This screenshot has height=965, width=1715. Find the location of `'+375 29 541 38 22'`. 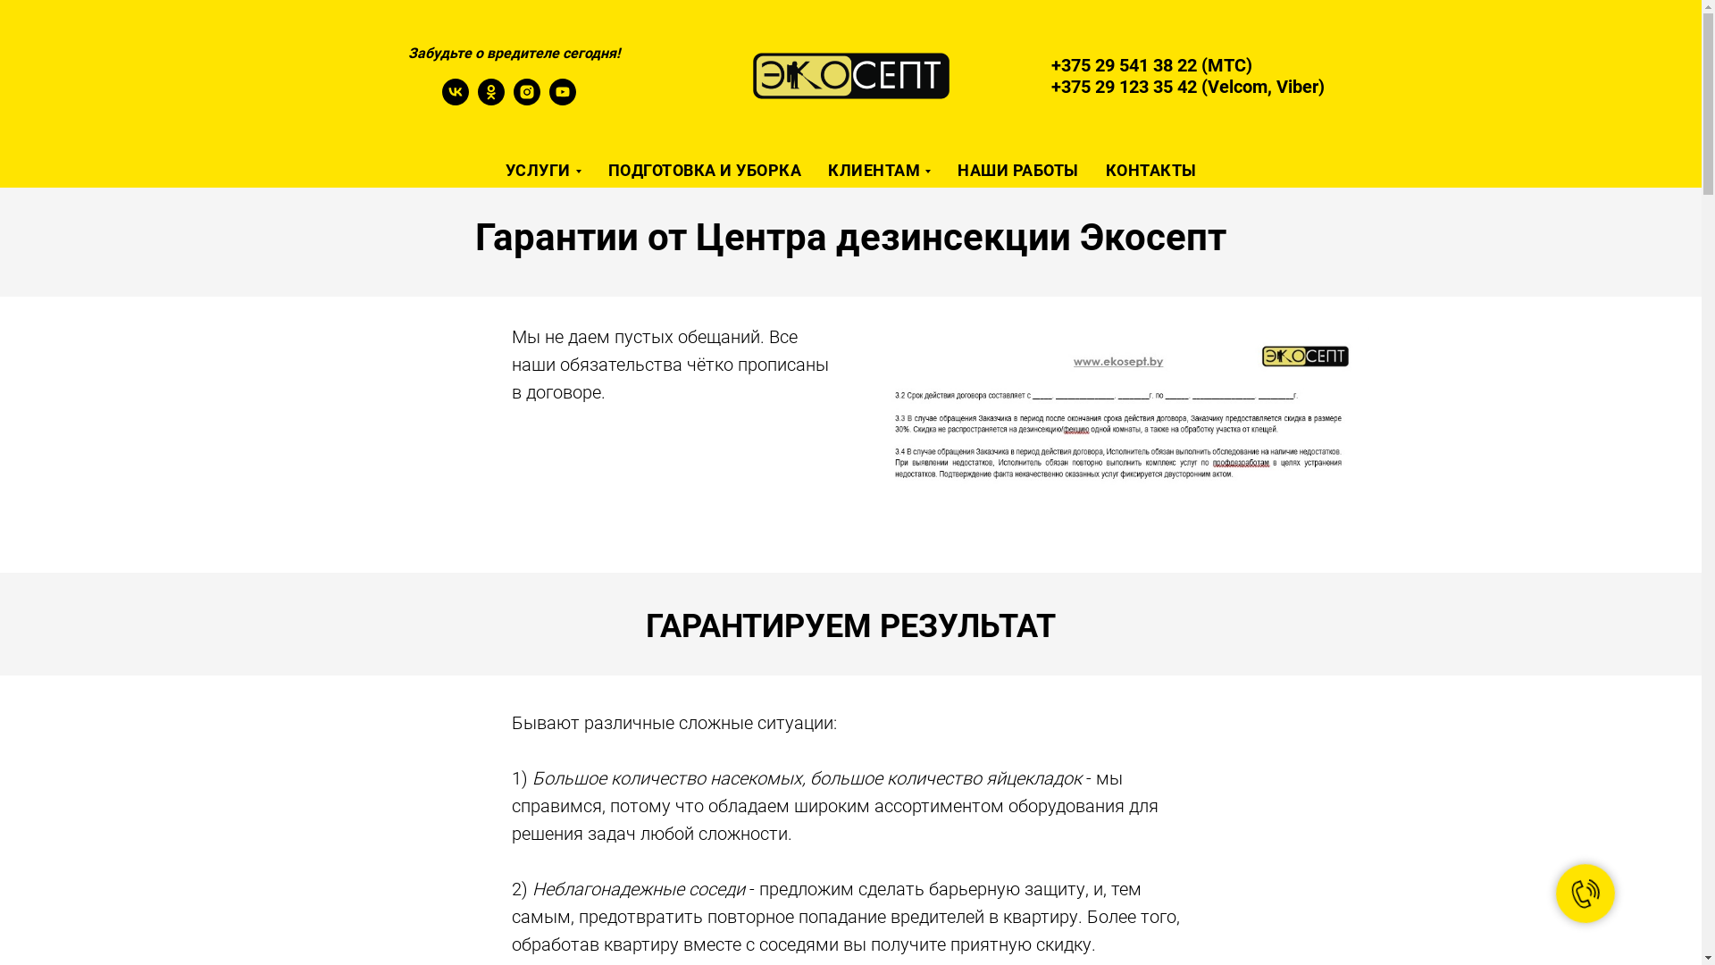

'+375 29 541 38 22' is located at coordinates (1123, 64).